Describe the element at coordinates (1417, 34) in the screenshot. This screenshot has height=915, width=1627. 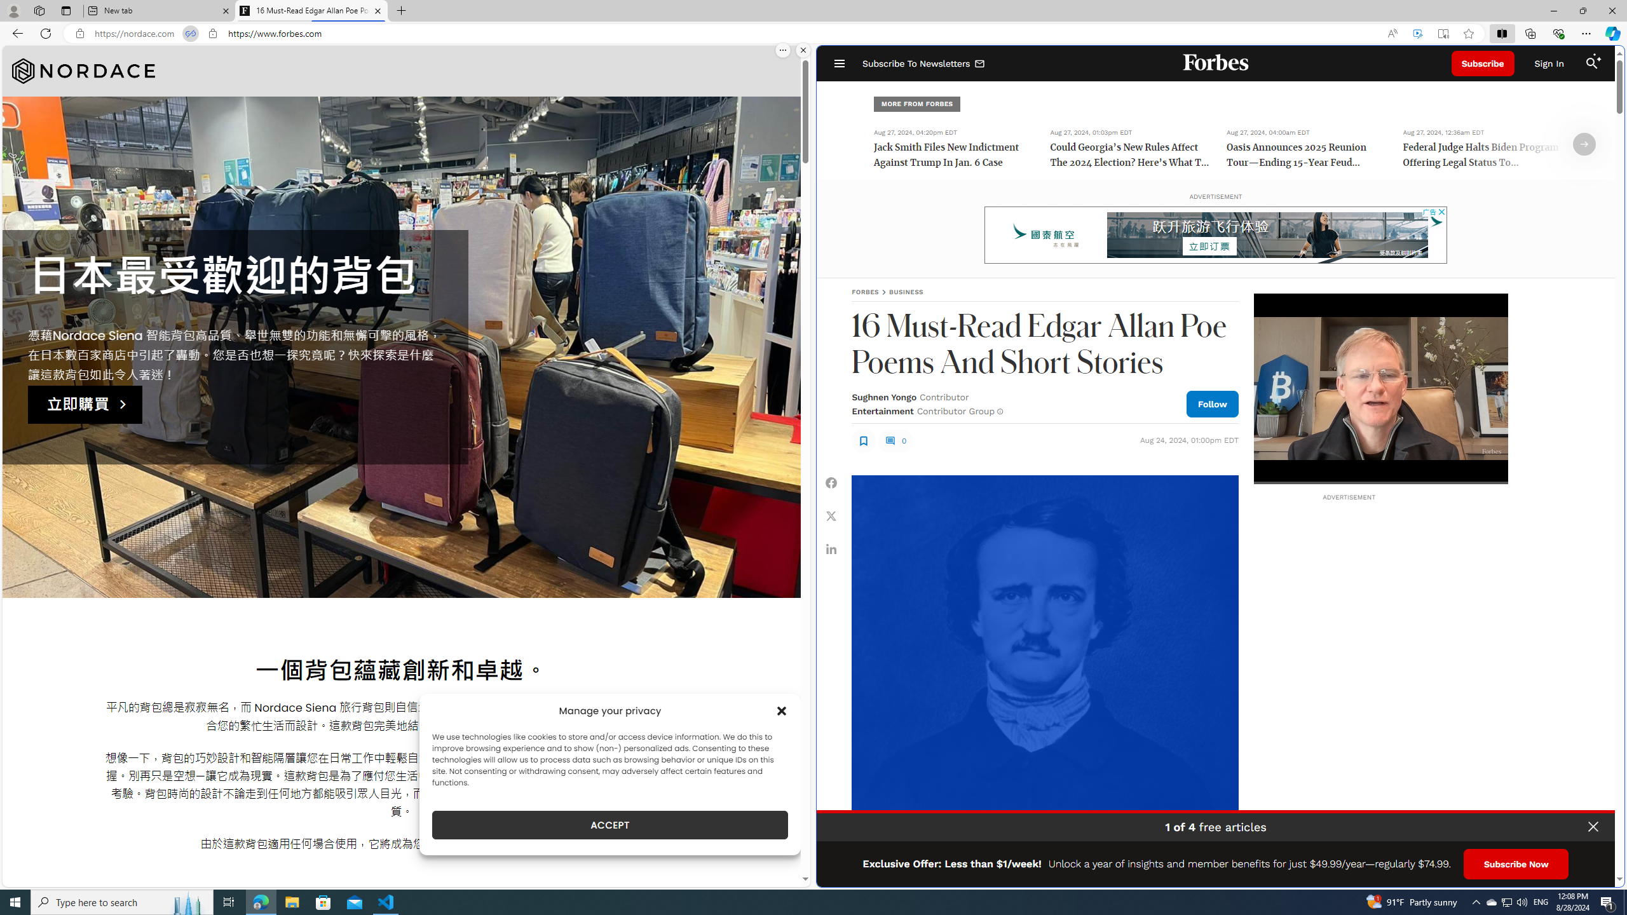
I see `'Enhance video'` at that location.